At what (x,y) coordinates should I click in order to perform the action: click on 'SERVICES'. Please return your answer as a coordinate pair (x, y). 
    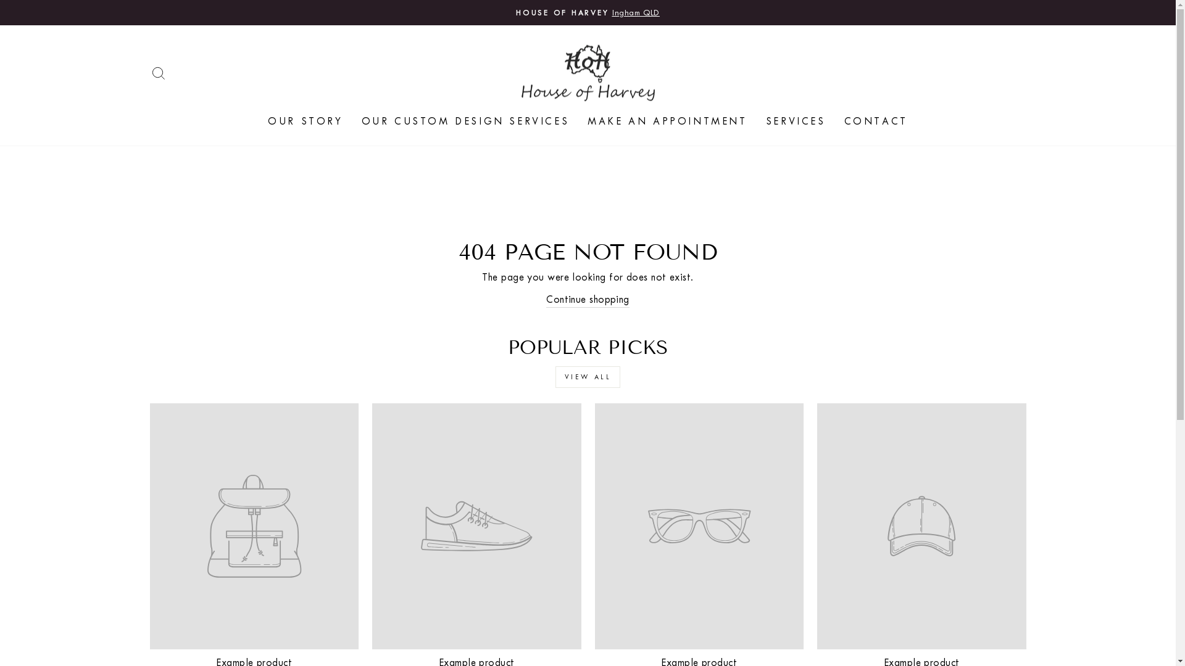
    Looking at the image, I should click on (796, 121).